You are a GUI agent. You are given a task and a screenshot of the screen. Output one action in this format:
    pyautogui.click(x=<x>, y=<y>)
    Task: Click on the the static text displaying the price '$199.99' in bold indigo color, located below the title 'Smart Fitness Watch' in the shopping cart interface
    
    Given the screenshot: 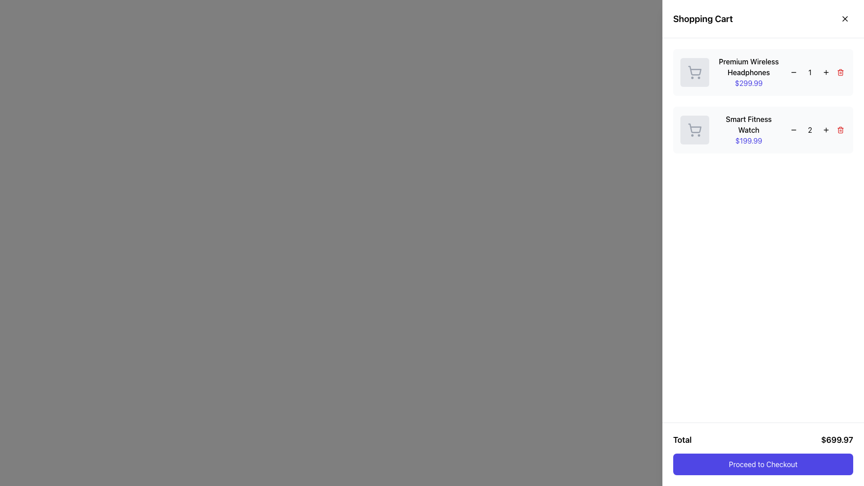 What is the action you would take?
    pyautogui.click(x=749, y=140)
    